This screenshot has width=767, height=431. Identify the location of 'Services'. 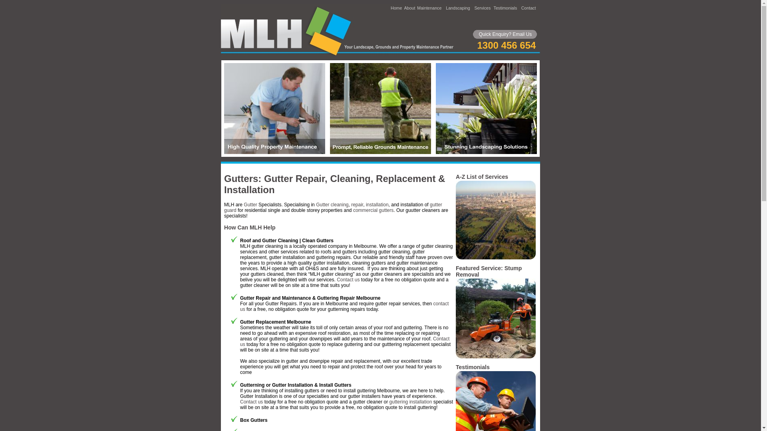
(474, 8).